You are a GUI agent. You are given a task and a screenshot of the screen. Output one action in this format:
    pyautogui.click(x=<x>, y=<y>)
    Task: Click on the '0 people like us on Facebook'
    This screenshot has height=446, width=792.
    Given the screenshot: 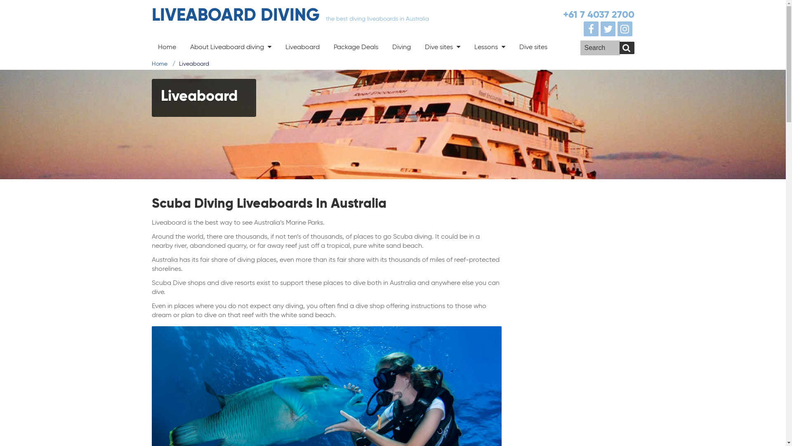 What is the action you would take?
    pyautogui.click(x=583, y=28)
    